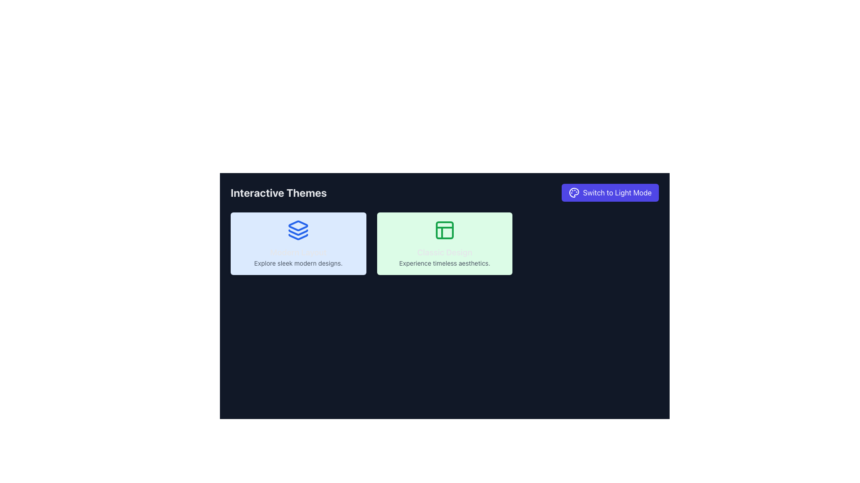 This screenshot has width=860, height=483. I want to click on the Decorative Icon, which is a vibrant blue layered stack-like icon located at the top of the 'Modern Layout' card in the 'Interactive Themes' section, so click(298, 230).